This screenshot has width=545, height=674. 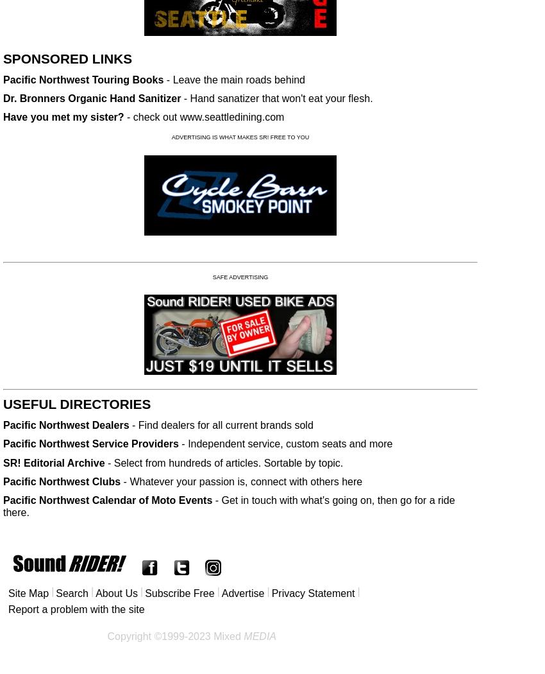 What do you see at coordinates (239, 136) in the screenshot?
I see `'ADVERTISING IS WHAT MAKES SR! FREE TO YOU'` at bounding box center [239, 136].